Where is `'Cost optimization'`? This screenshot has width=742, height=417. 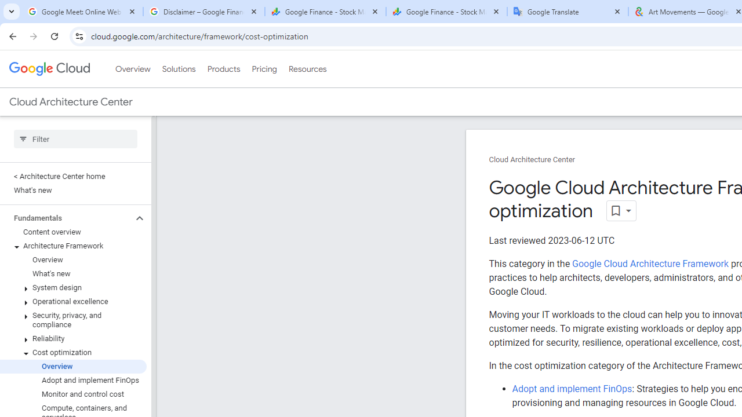 'Cost optimization' is located at coordinates (72, 352).